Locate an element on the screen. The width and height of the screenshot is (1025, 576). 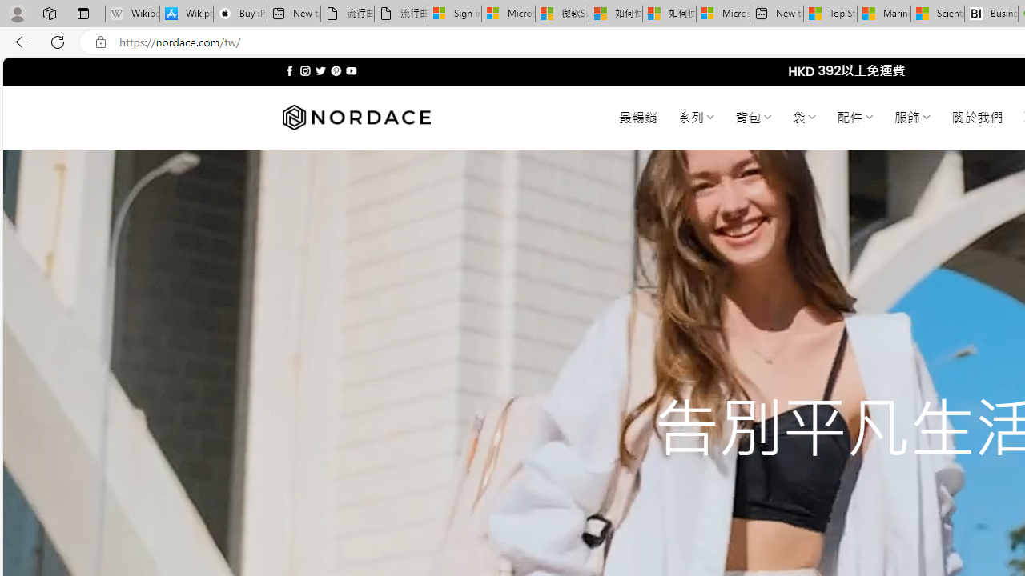
'Follow on Facebook' is located at coordinates (290, 70).